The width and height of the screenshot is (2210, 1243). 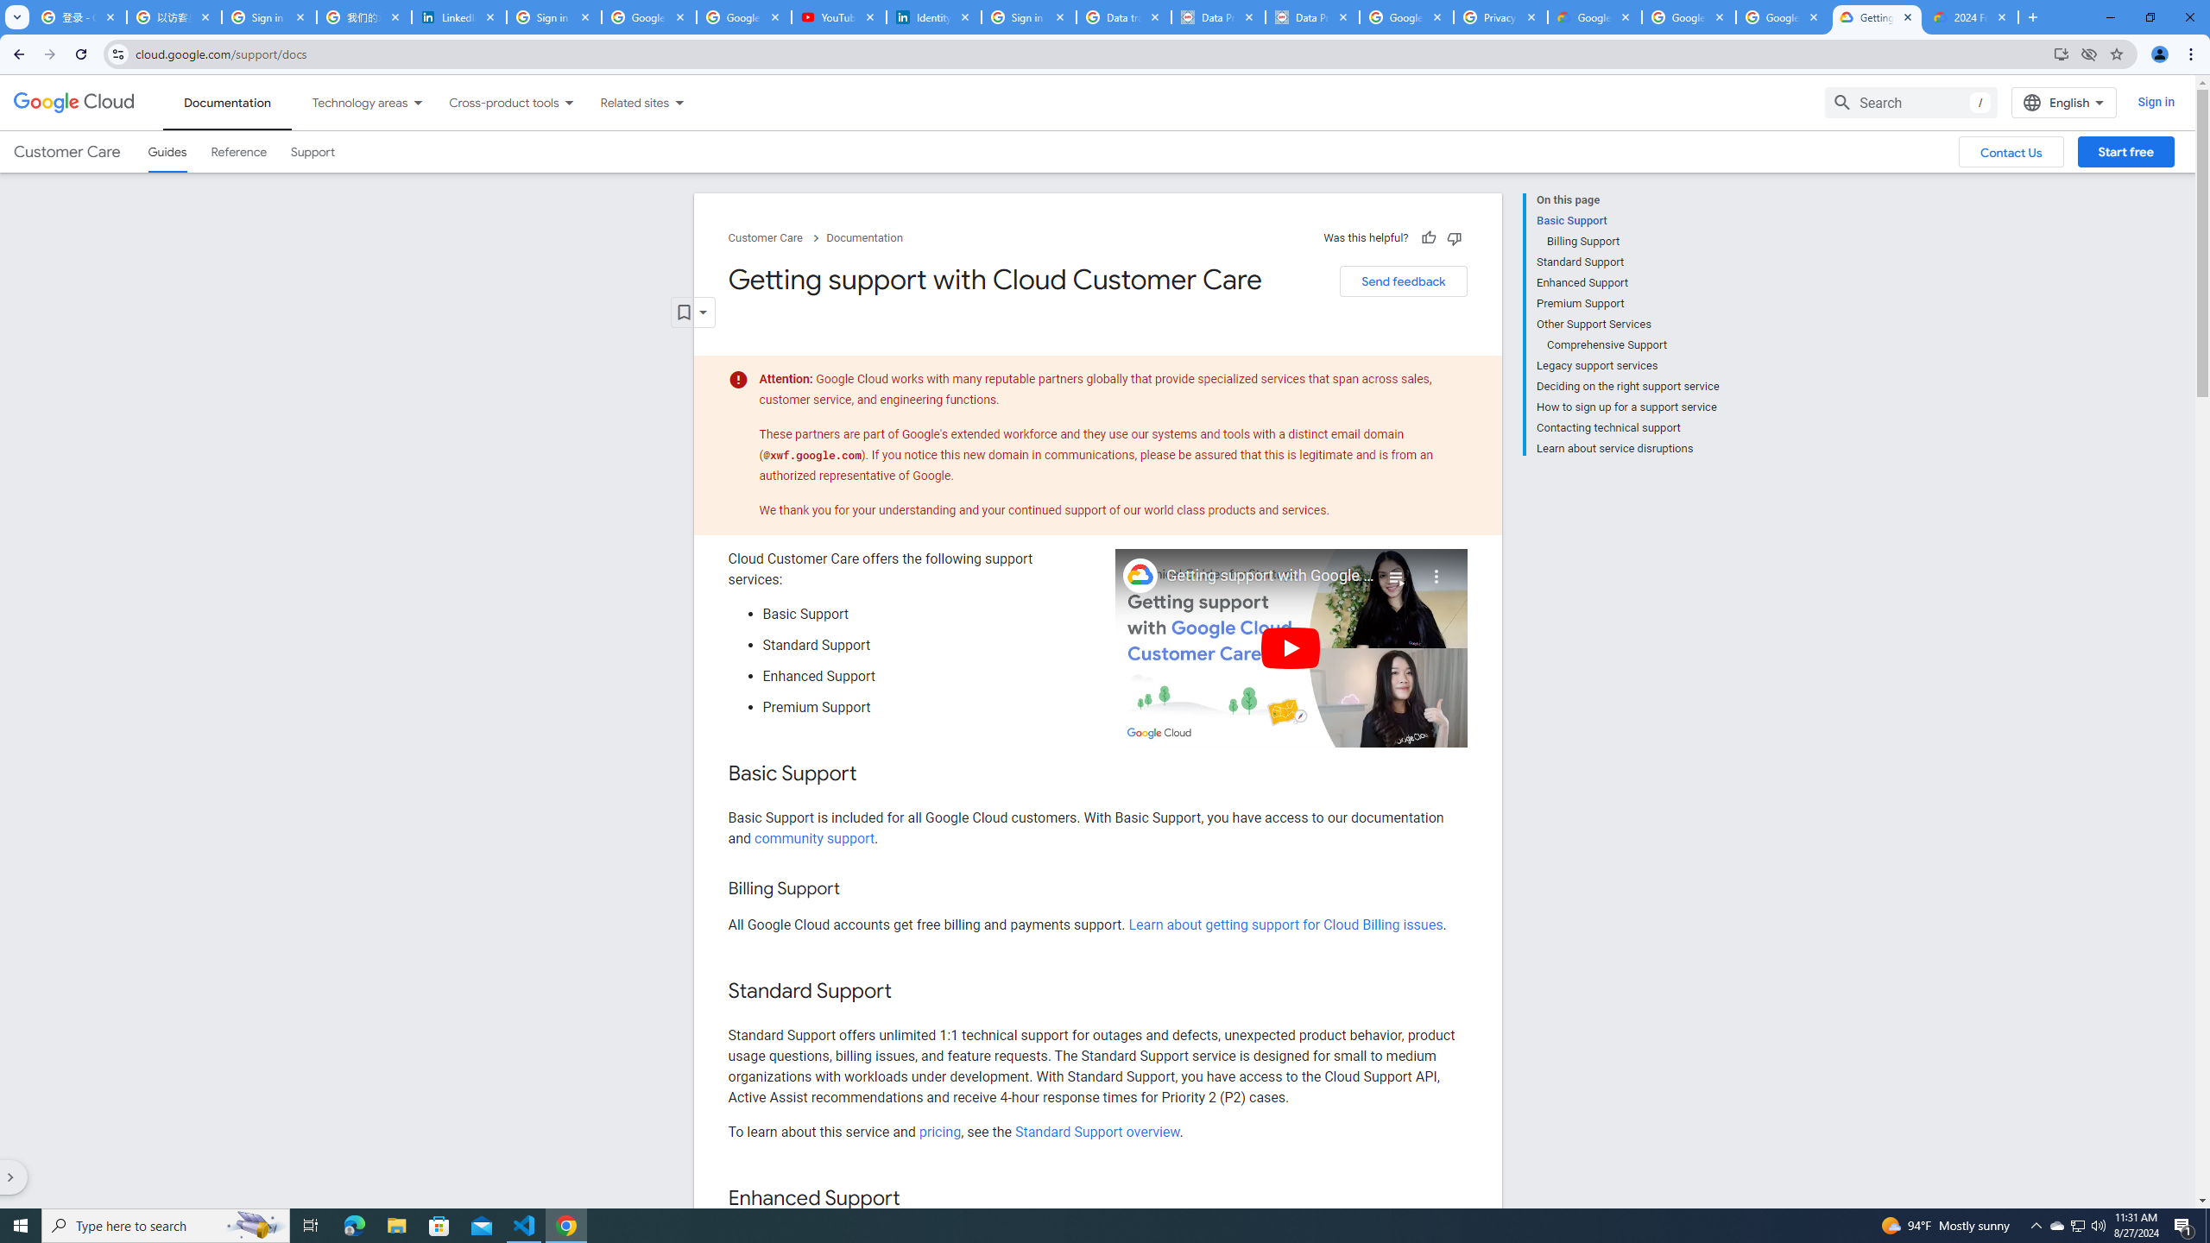 I want to click on 'Install Google Cloud', so click(x=2062, y=53).